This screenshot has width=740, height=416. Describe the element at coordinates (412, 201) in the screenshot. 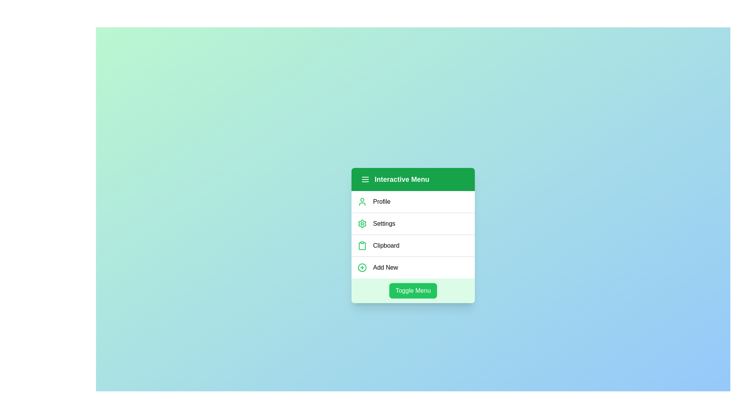

I see `the menu item labeled 'Profile'` at that location.